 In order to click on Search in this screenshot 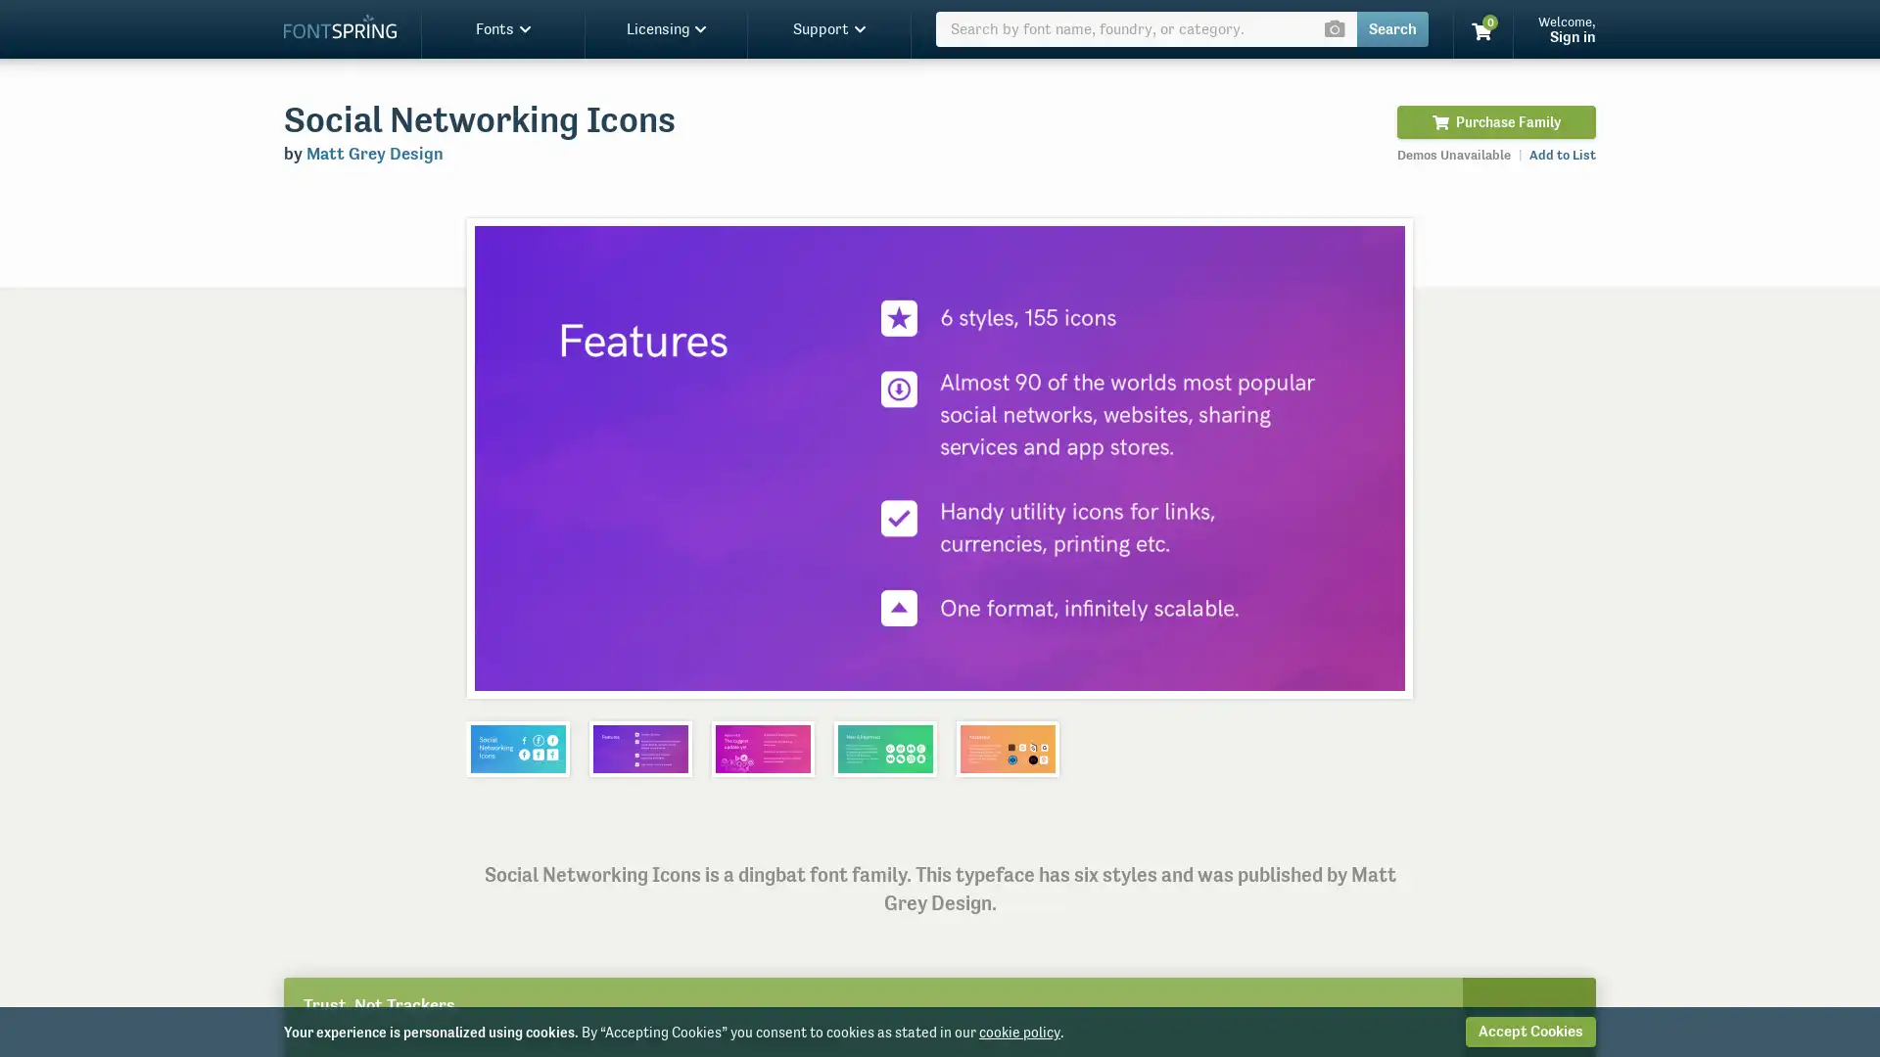, I will do `click(1391, 29)`.